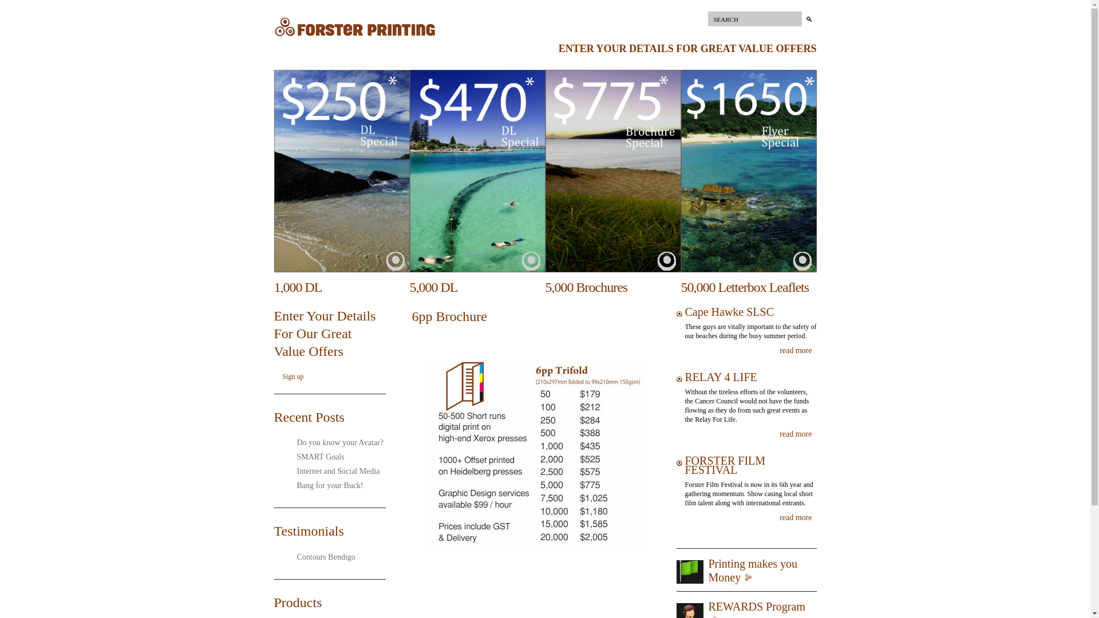 The image size is (1099, 618). I want to click on 'Bang for your Buck!', so click(325, 485).